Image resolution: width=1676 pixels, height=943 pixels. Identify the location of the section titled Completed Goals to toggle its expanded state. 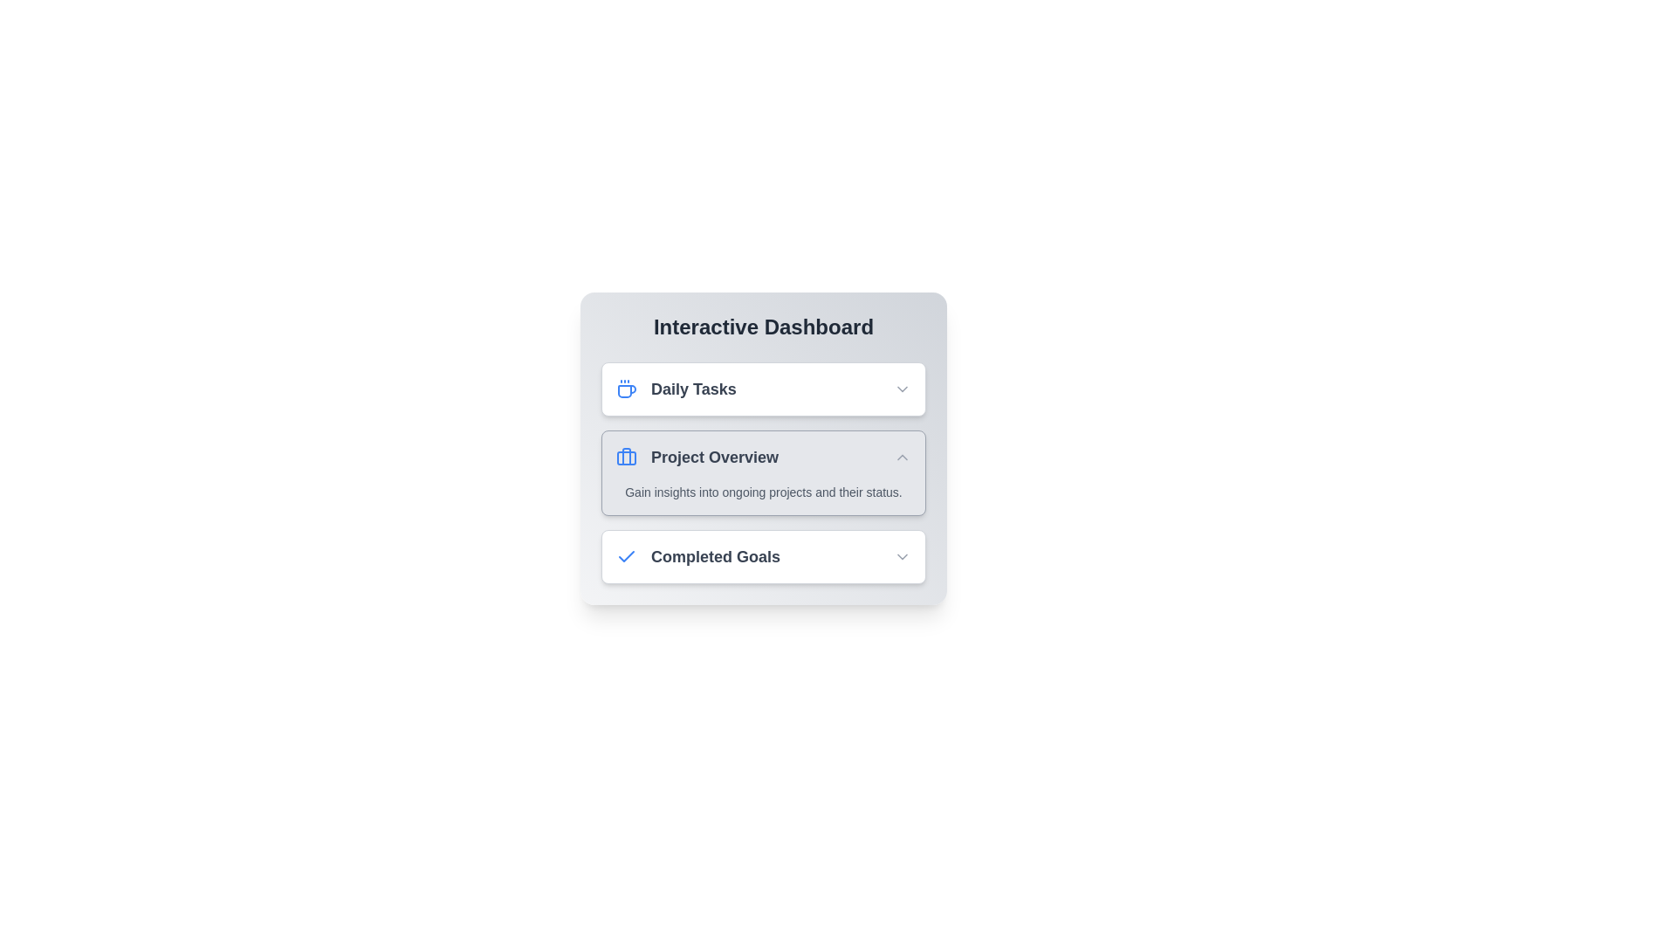
(763, 556).